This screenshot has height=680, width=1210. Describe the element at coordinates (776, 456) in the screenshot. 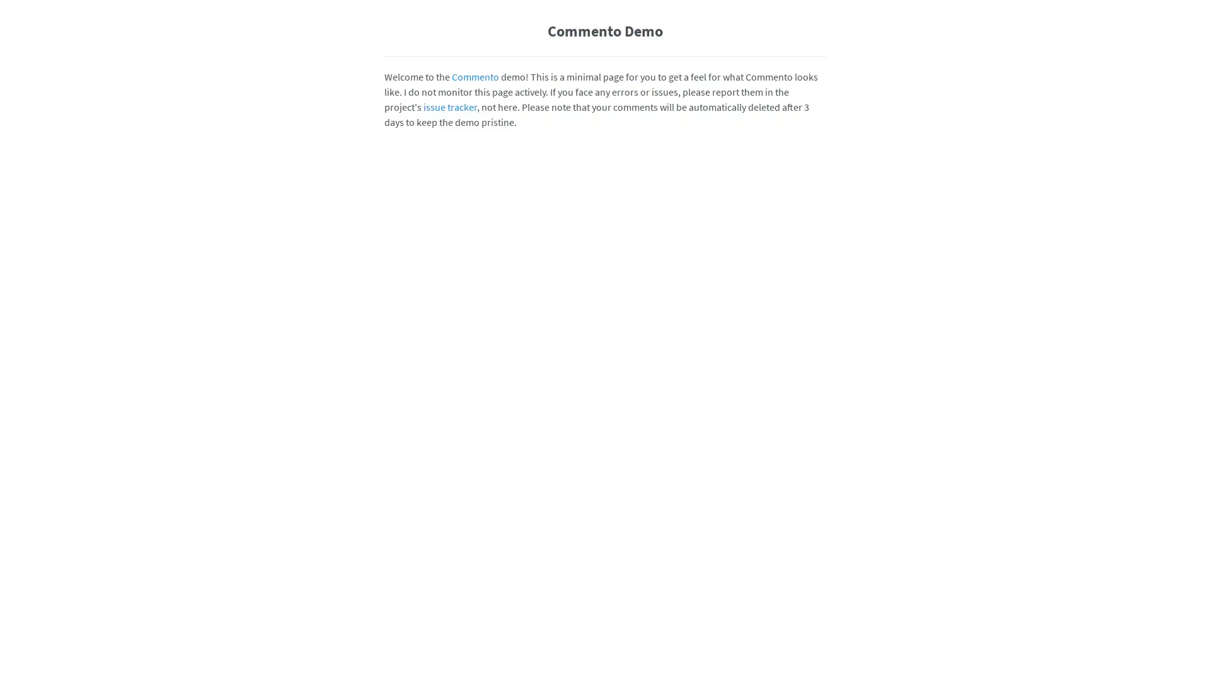

I see `Upvote` at that location.